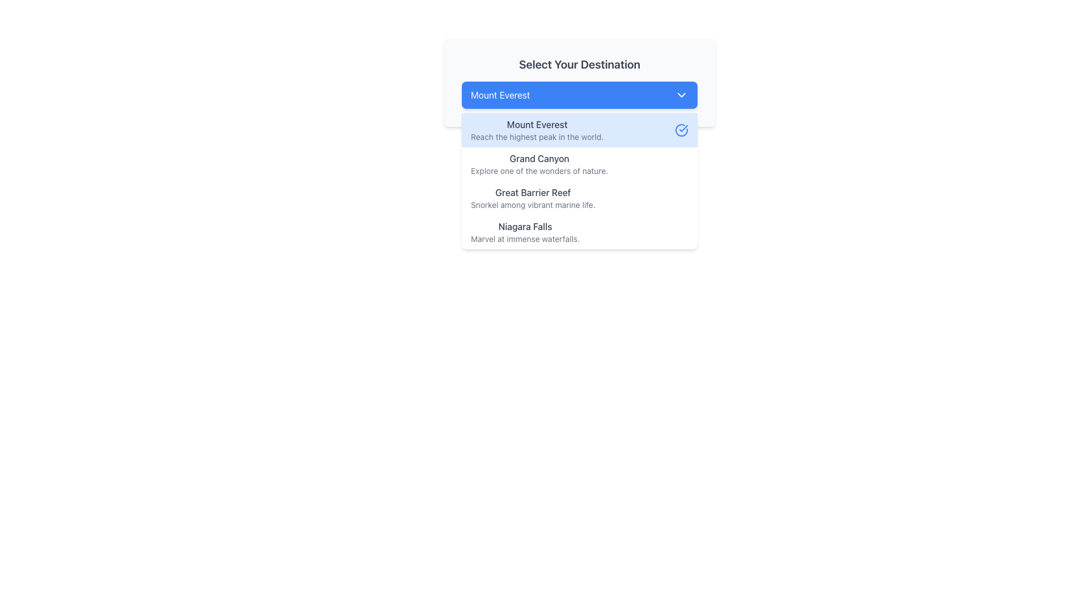 The height and width of the screenshot is (612, 1088). I want to click on the List Entry titled 'Niagara Falls' by clicking on it. This entry is the fourth item in a dropdown menu, positioned below 'Great Barrier Reef.', so click(579, 231).